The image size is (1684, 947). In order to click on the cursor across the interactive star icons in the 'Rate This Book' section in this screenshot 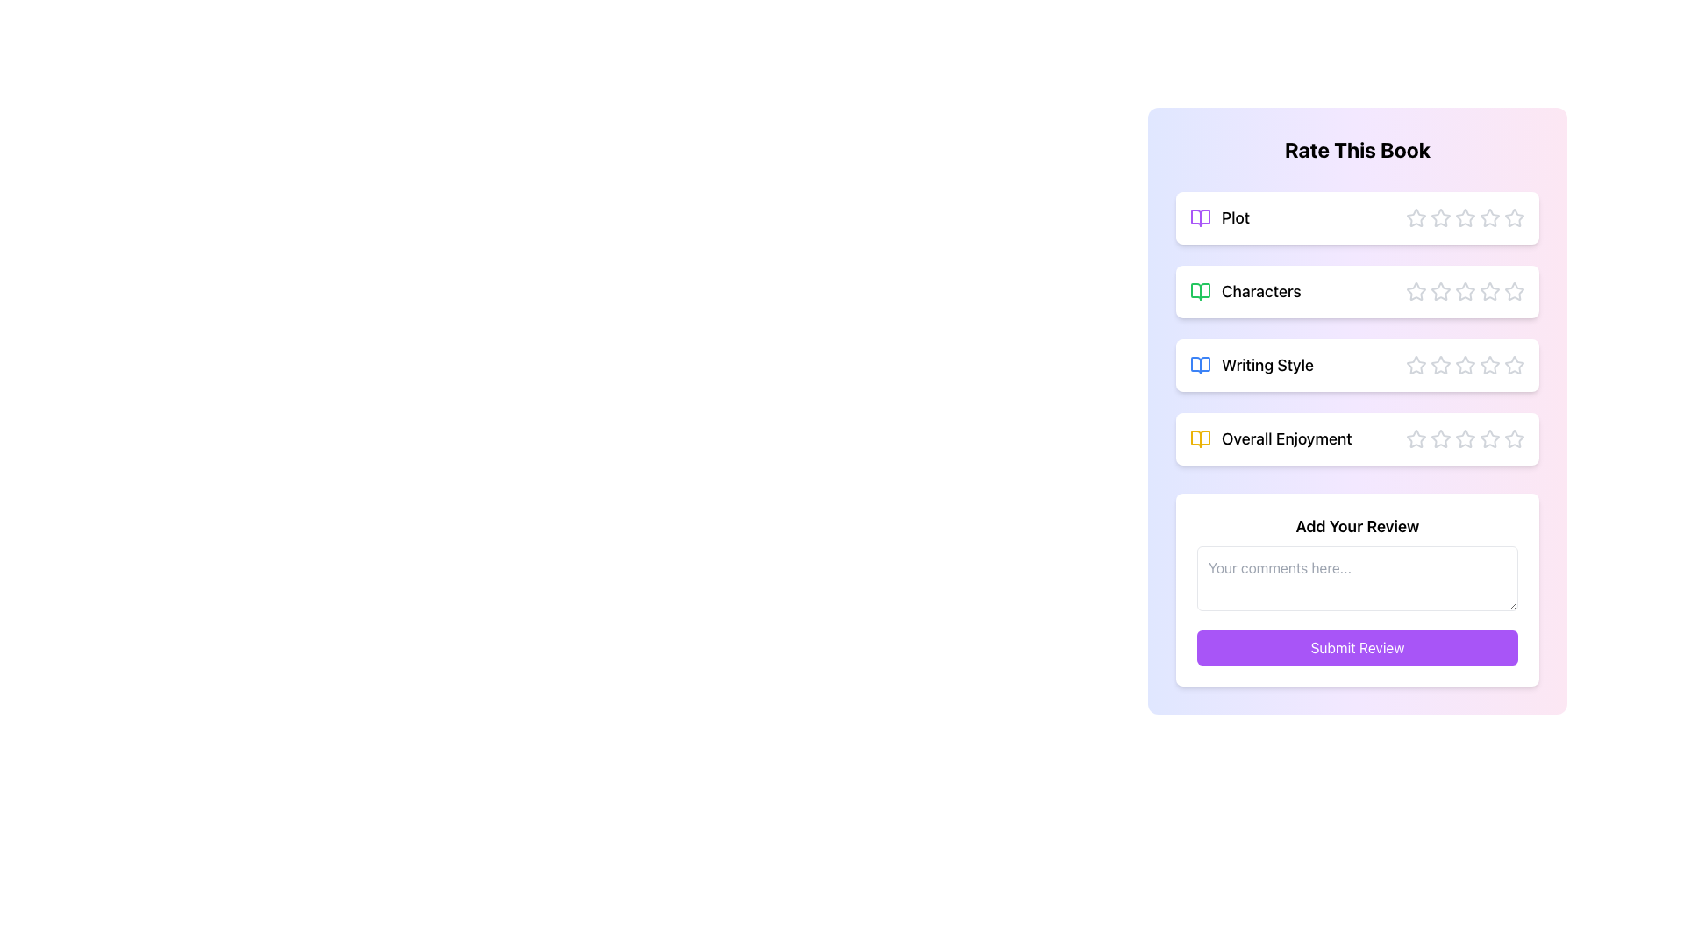, I will do `click(1357, 328)`.